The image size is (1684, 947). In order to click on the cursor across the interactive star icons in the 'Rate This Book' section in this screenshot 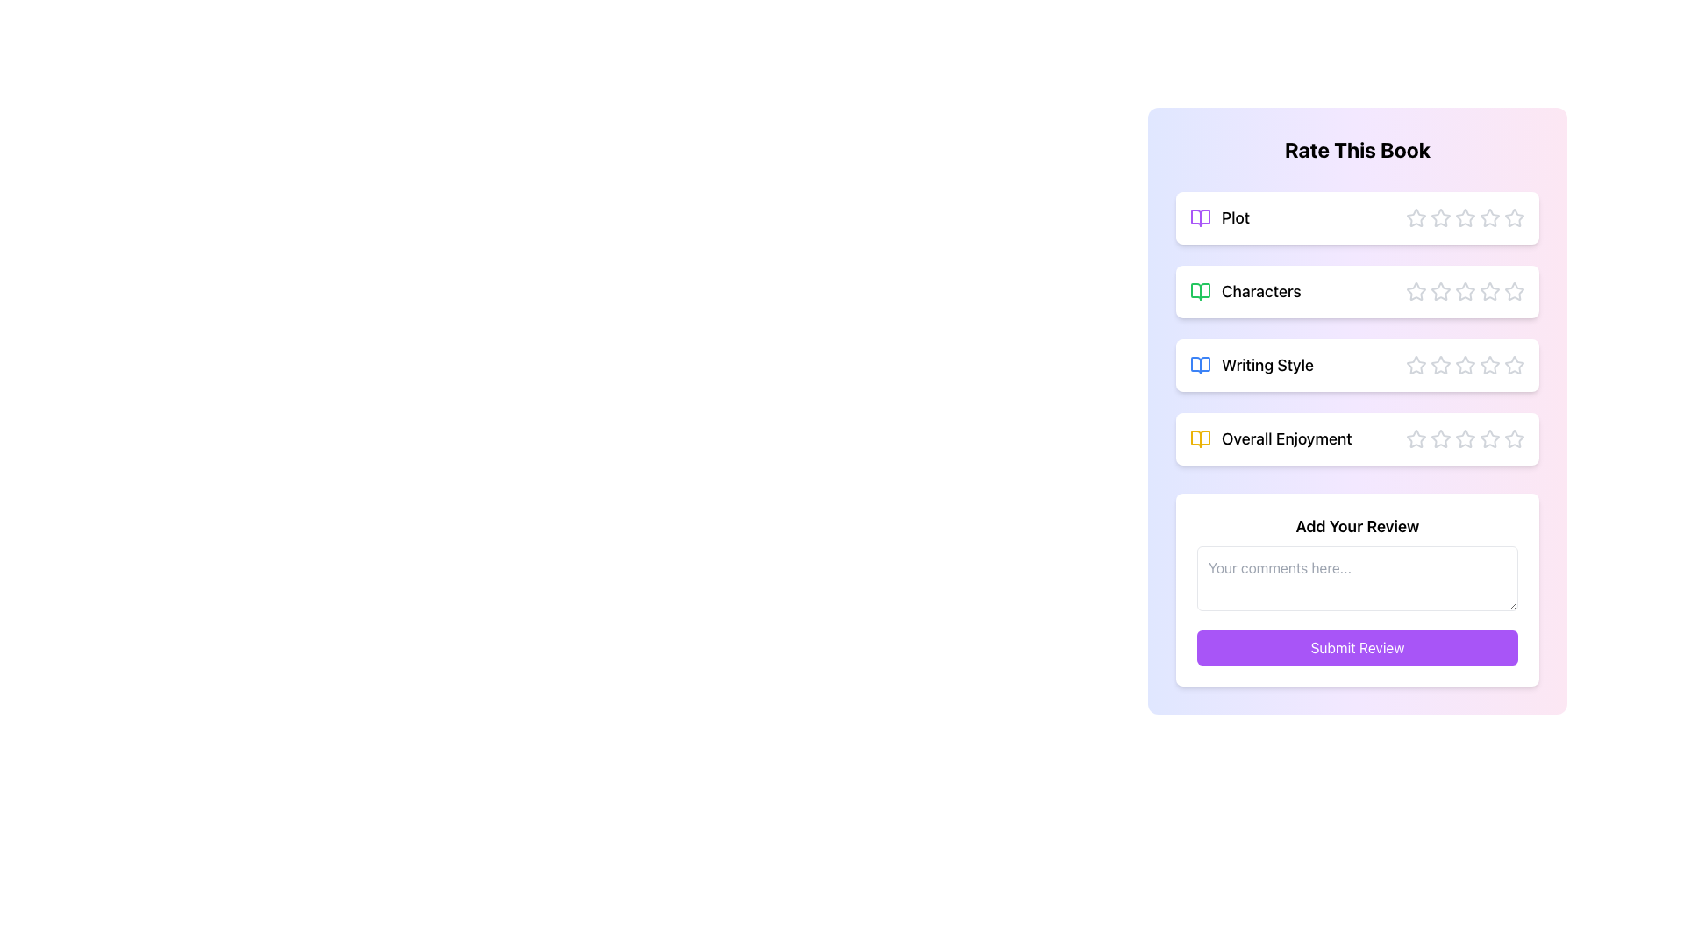, I will do `click(1357, 328)`.